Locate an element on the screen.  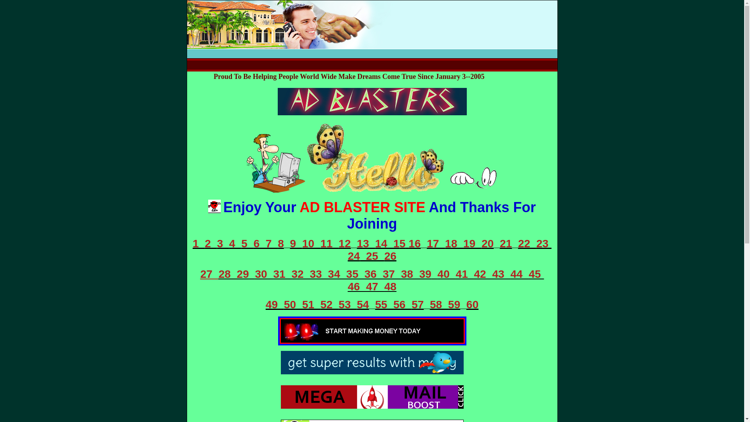
'56 ' is located at coordinates (402, 304).